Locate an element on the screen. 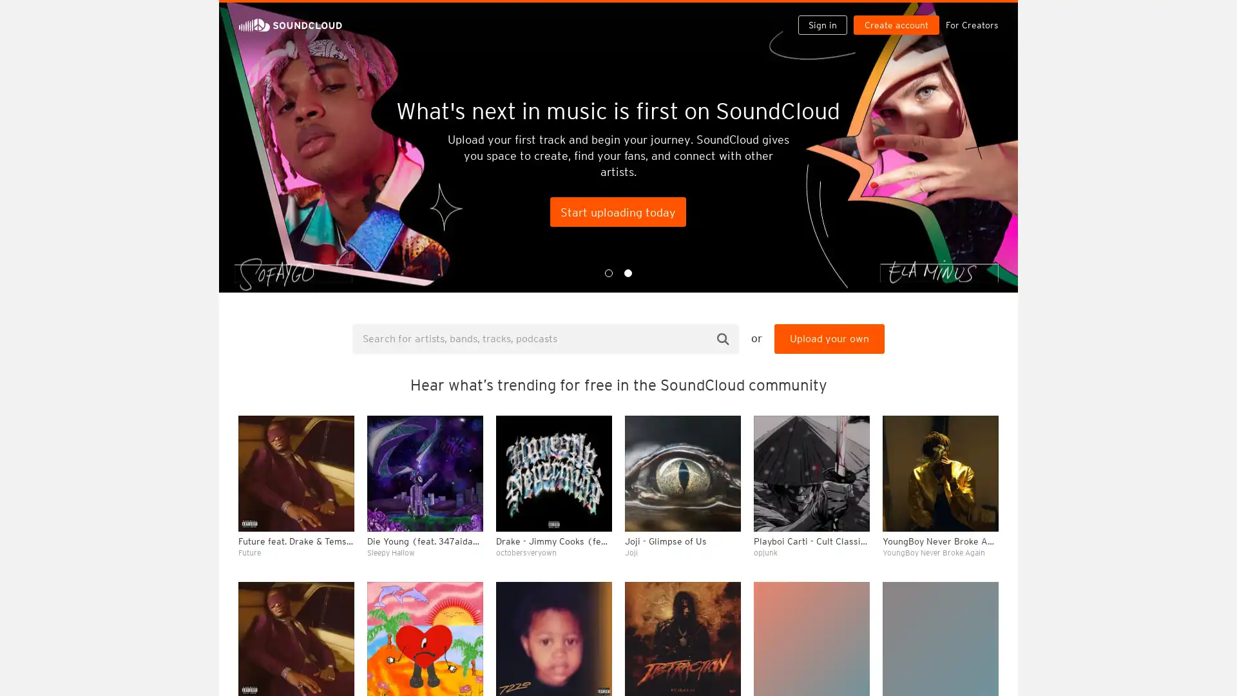 Image resolution: width=1237 pixels, height=696 pixels. Hide queue is located at coordinates (990, 352).